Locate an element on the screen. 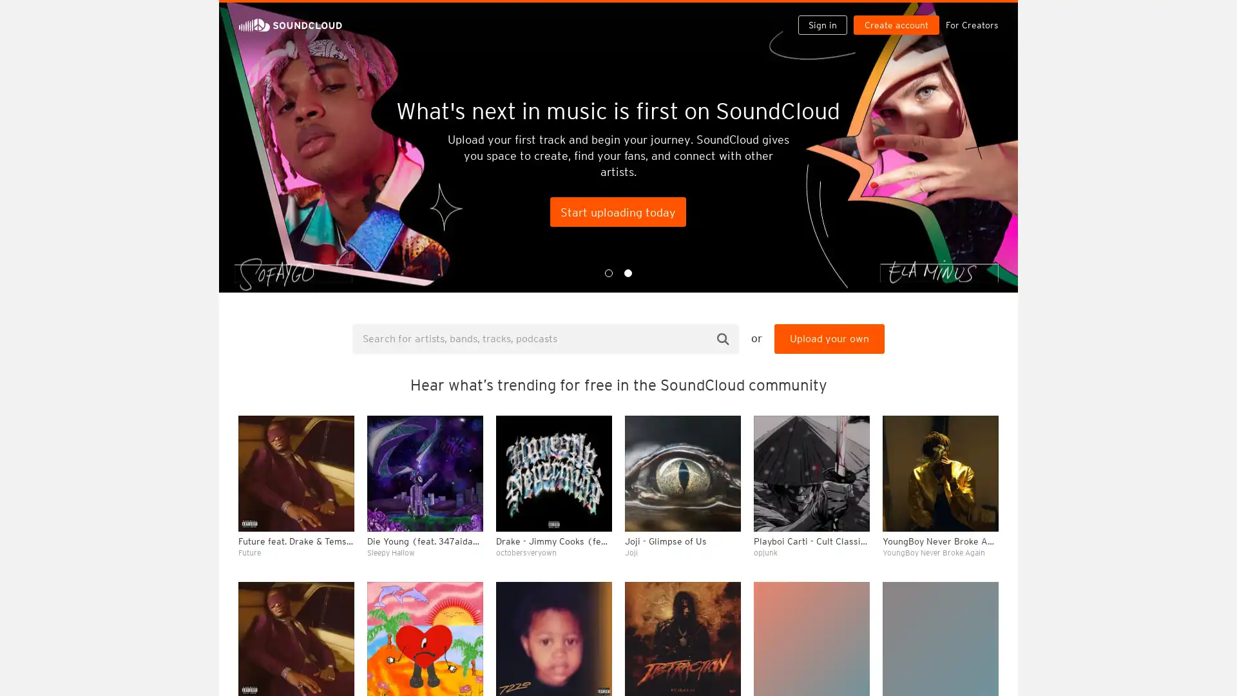 Image resolution: width=1237 pixels, height=696 pixels. Hide queue is located at coordinates (990, 352).